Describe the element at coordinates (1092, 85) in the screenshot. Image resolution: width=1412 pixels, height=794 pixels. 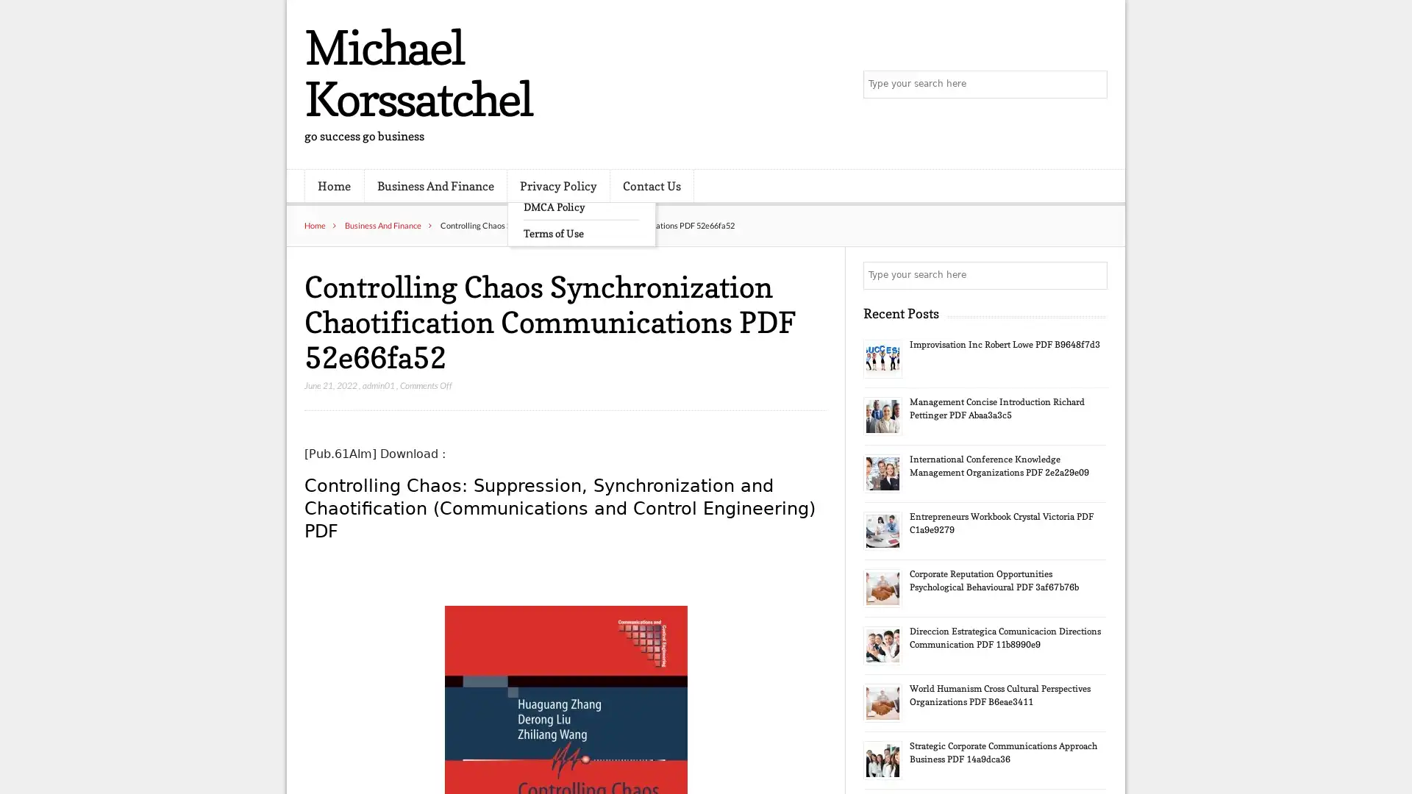
I see `Search` at that location.